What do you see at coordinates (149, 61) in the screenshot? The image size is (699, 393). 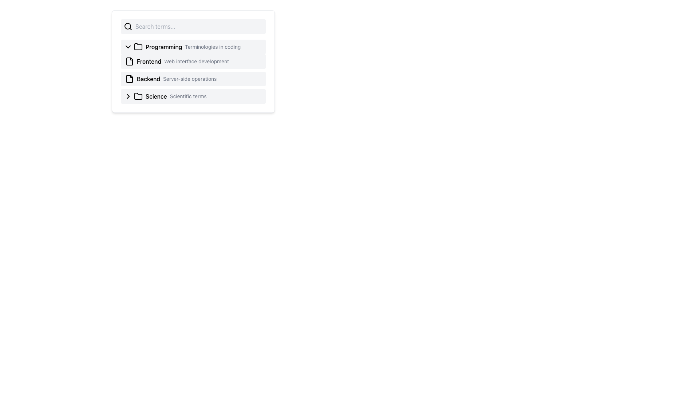 I see `information from the 'Frontend' text label which identifies the category in the user interface, located to the right of an icon and before the text 'Web interface development'` at bounding box center [149, 61].